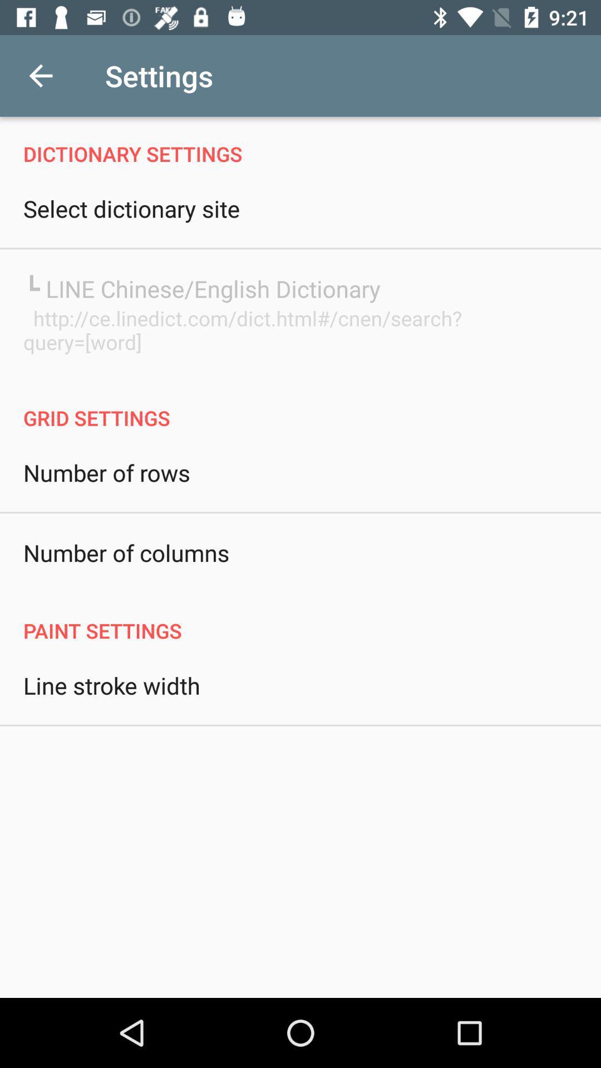 The image size is (601, 1068). What do you see at coordinates (111, 685) in the screenshot?
I see `the icon below paint settings item` at bounding box center [111, 685].